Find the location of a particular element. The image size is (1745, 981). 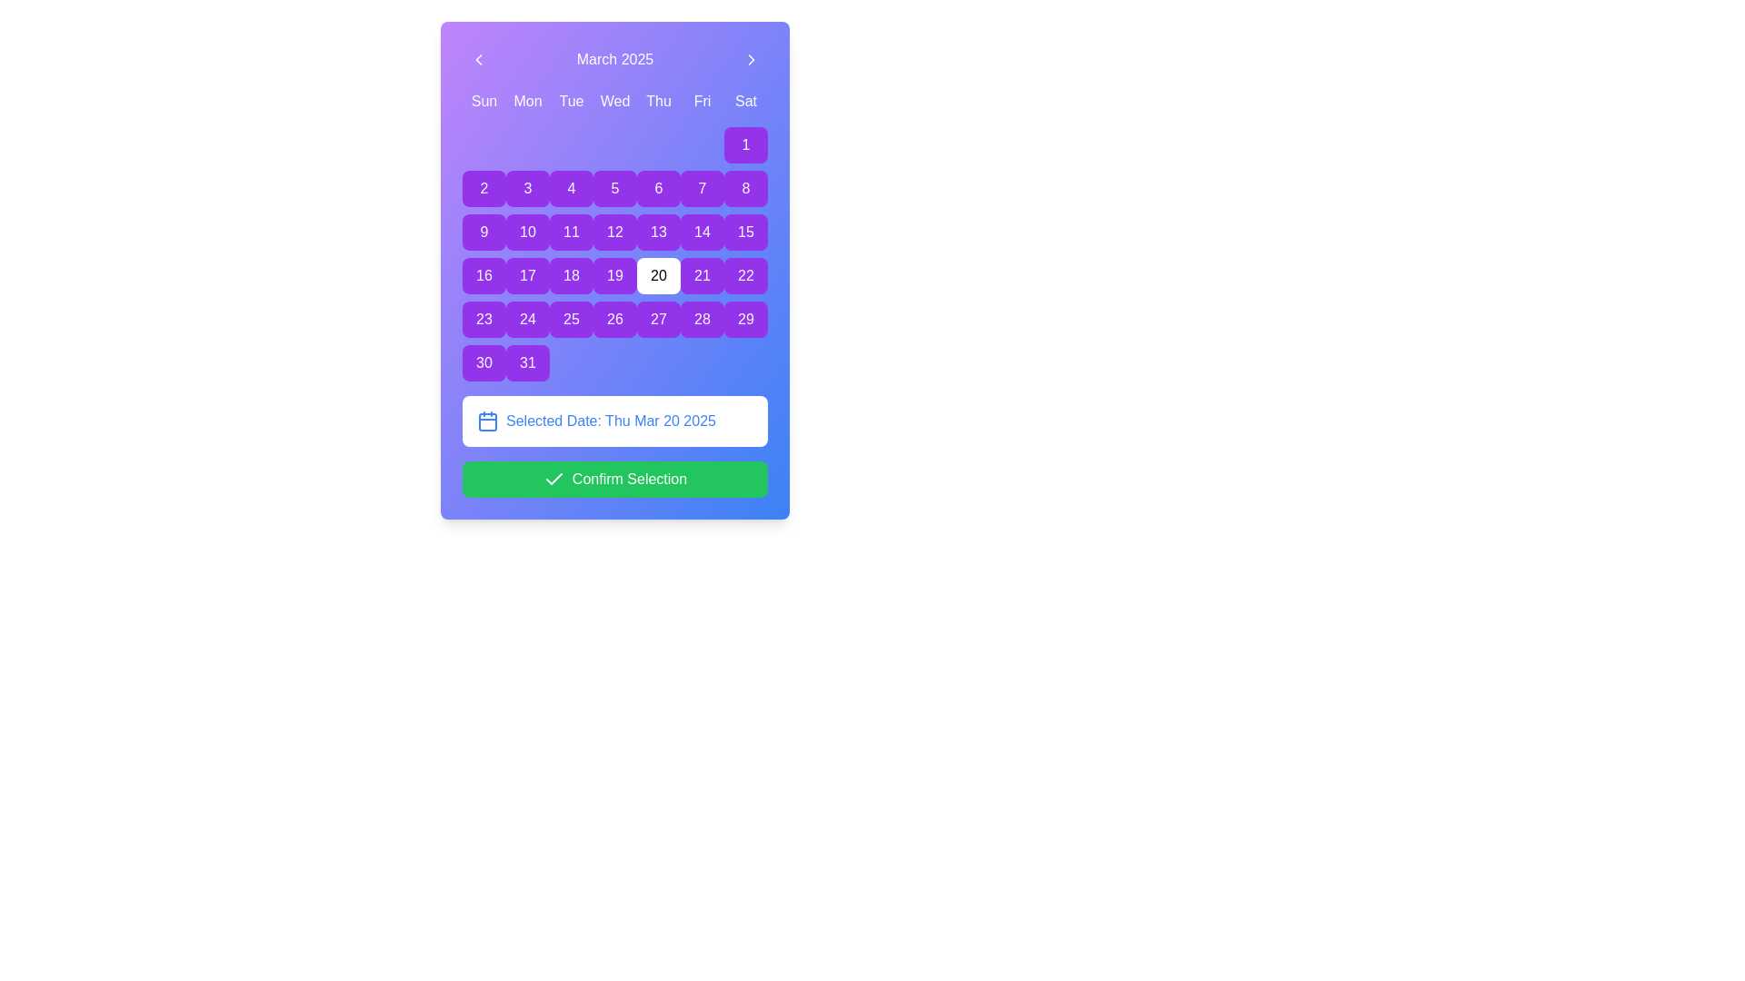

the button representing the date '22' in the March 2025 calendar is located at coordinates (745, 276).